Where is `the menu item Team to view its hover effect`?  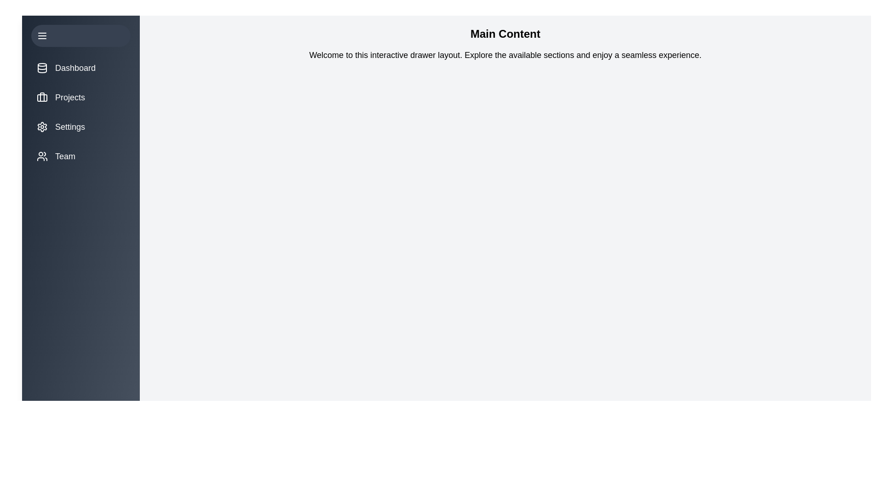
the menu item Team to view its hover effect is located at coordinates (81, 156).